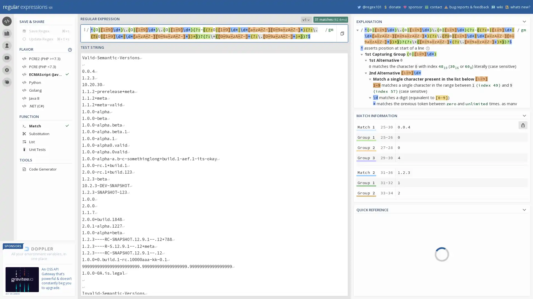  Describe the element at coordinates (366, 158) in the screenshot. I see `Group 3` at that location.